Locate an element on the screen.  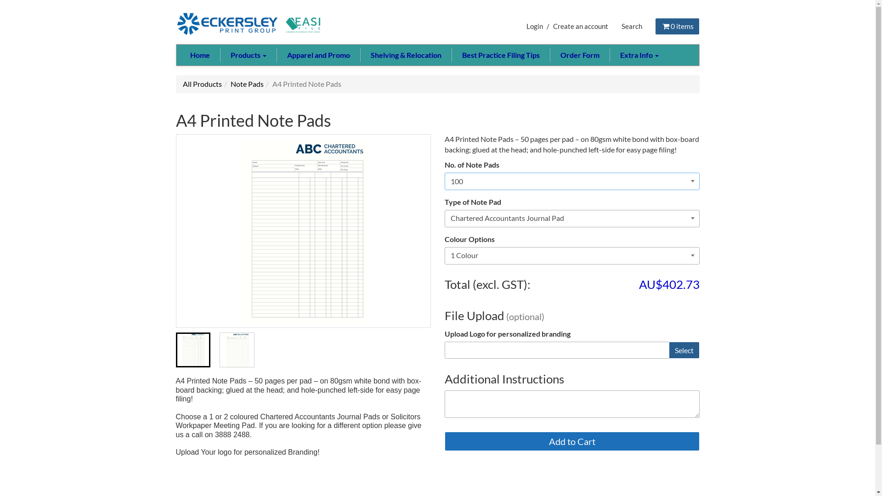
'Add to Cart' is located at coordinates (571, 440).